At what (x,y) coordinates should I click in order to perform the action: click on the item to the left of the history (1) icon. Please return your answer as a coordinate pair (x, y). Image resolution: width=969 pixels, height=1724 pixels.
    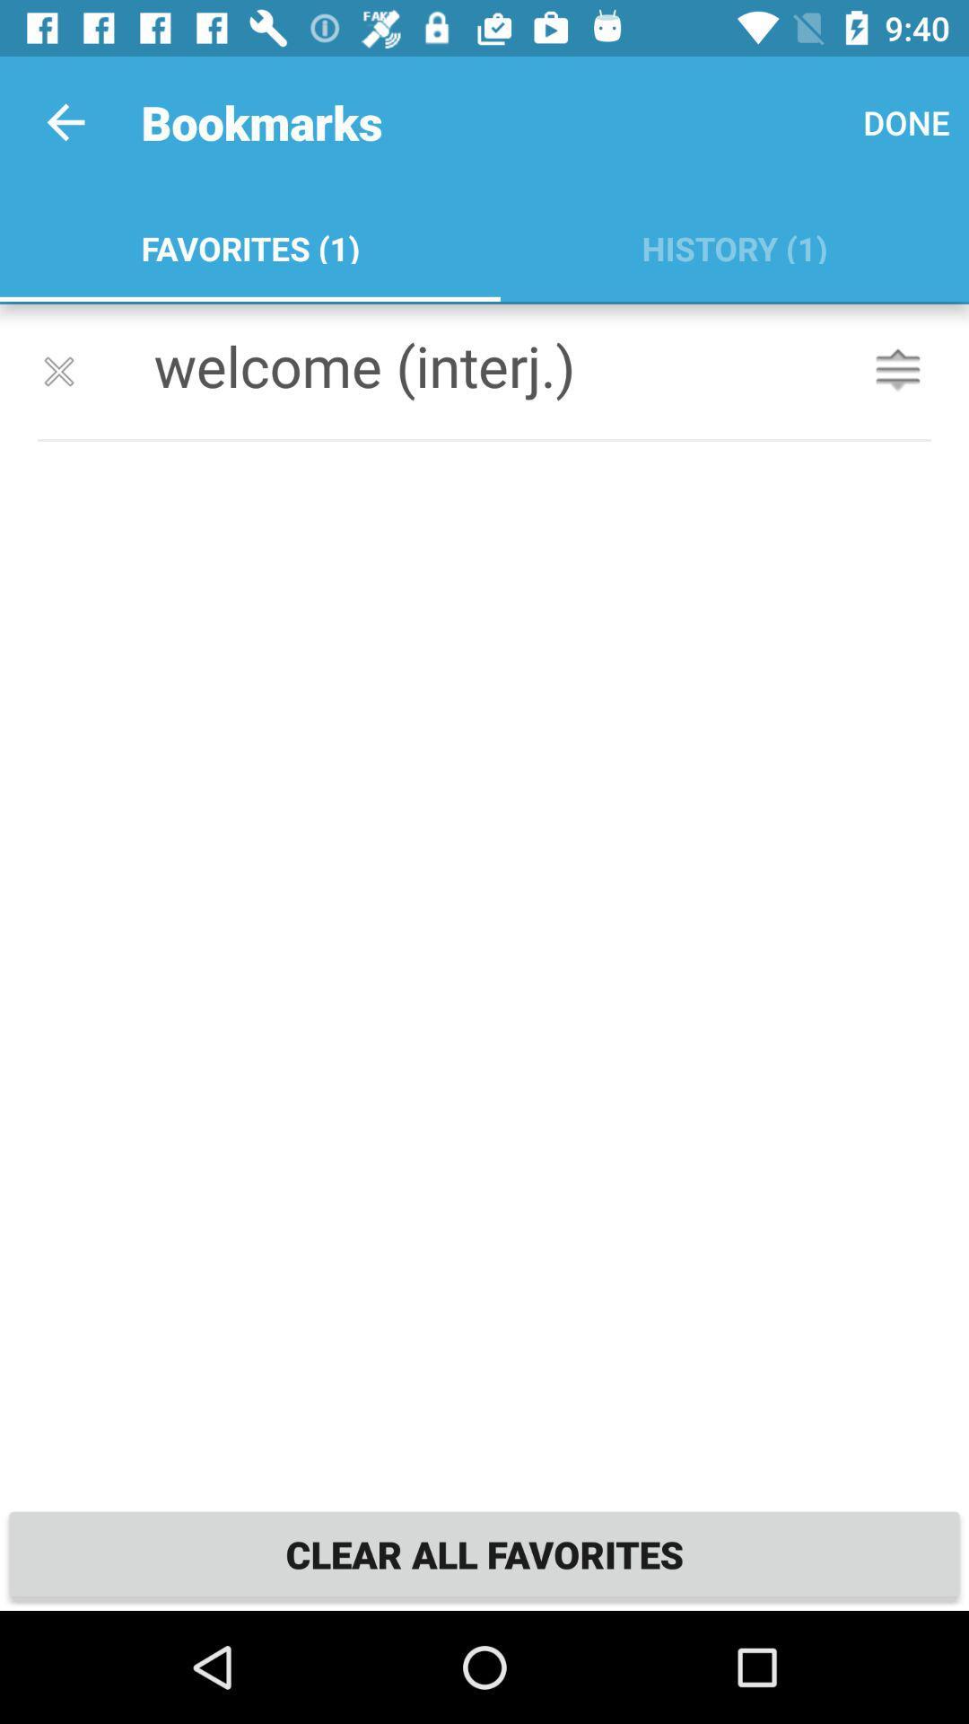
    Looking at the image, I should click on (249, 244).